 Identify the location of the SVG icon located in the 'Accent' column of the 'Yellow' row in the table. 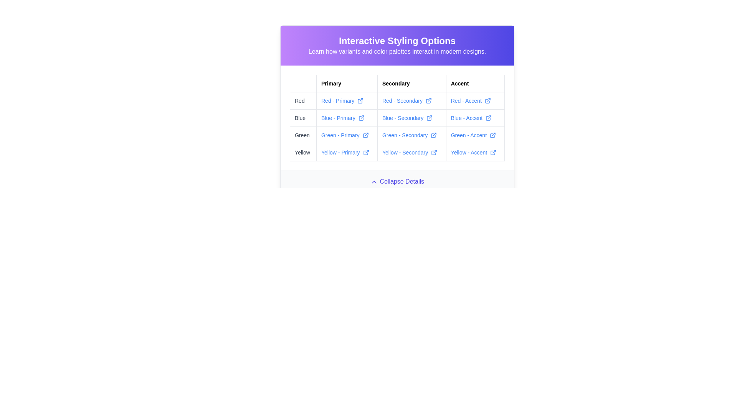
(492, 153).